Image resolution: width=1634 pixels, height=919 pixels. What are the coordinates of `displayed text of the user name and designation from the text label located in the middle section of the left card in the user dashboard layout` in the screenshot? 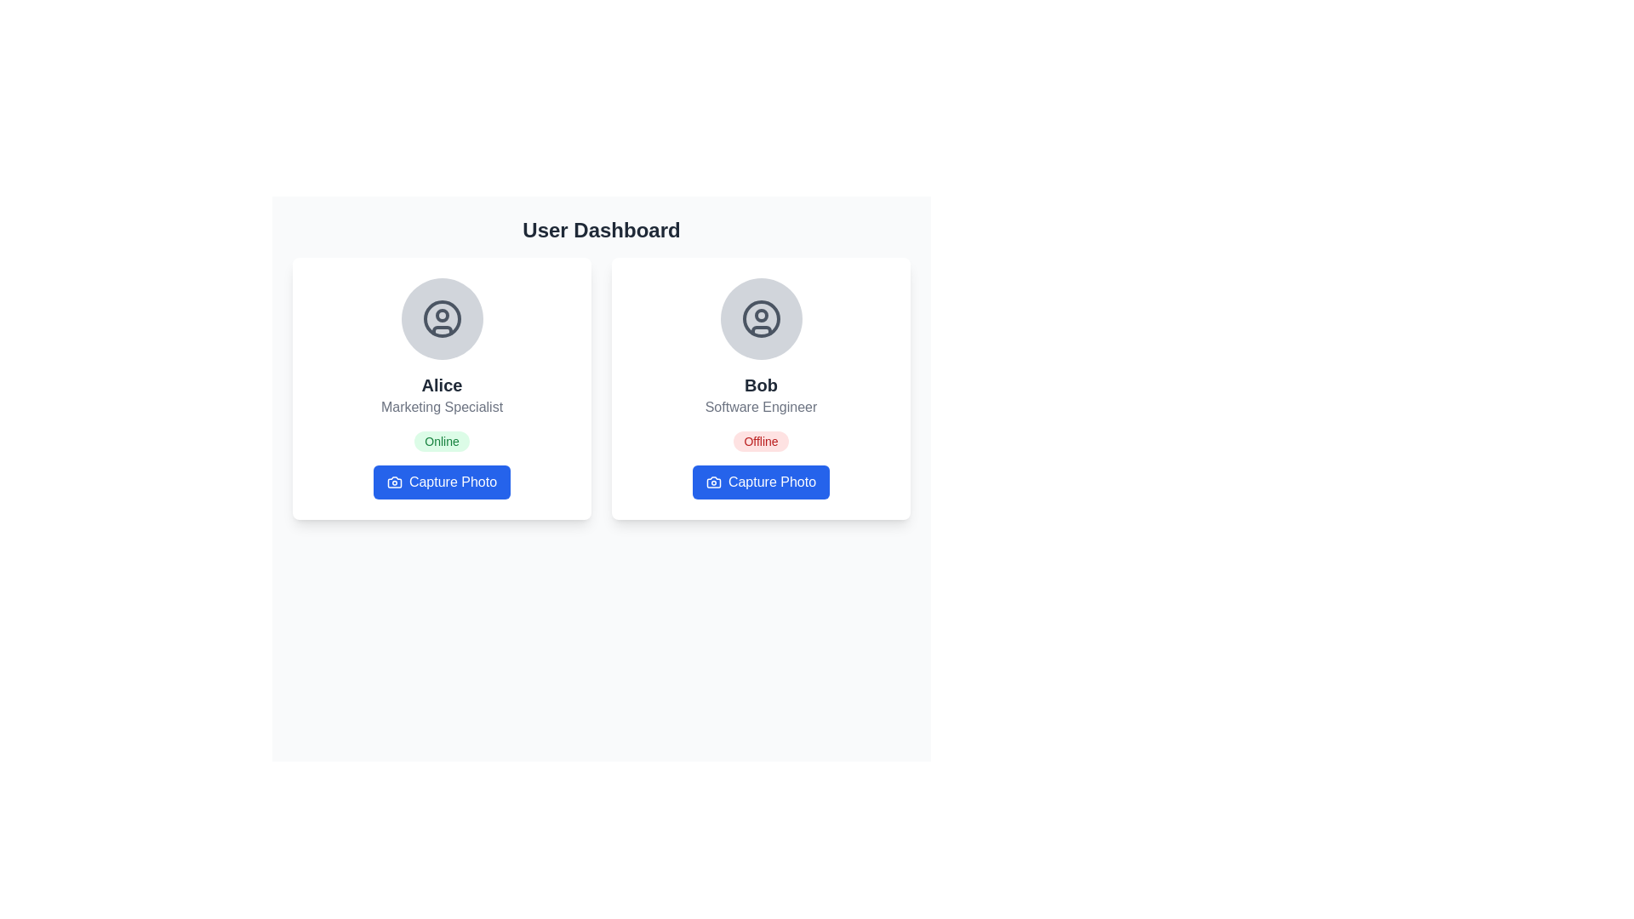 It's located at (442, 396).